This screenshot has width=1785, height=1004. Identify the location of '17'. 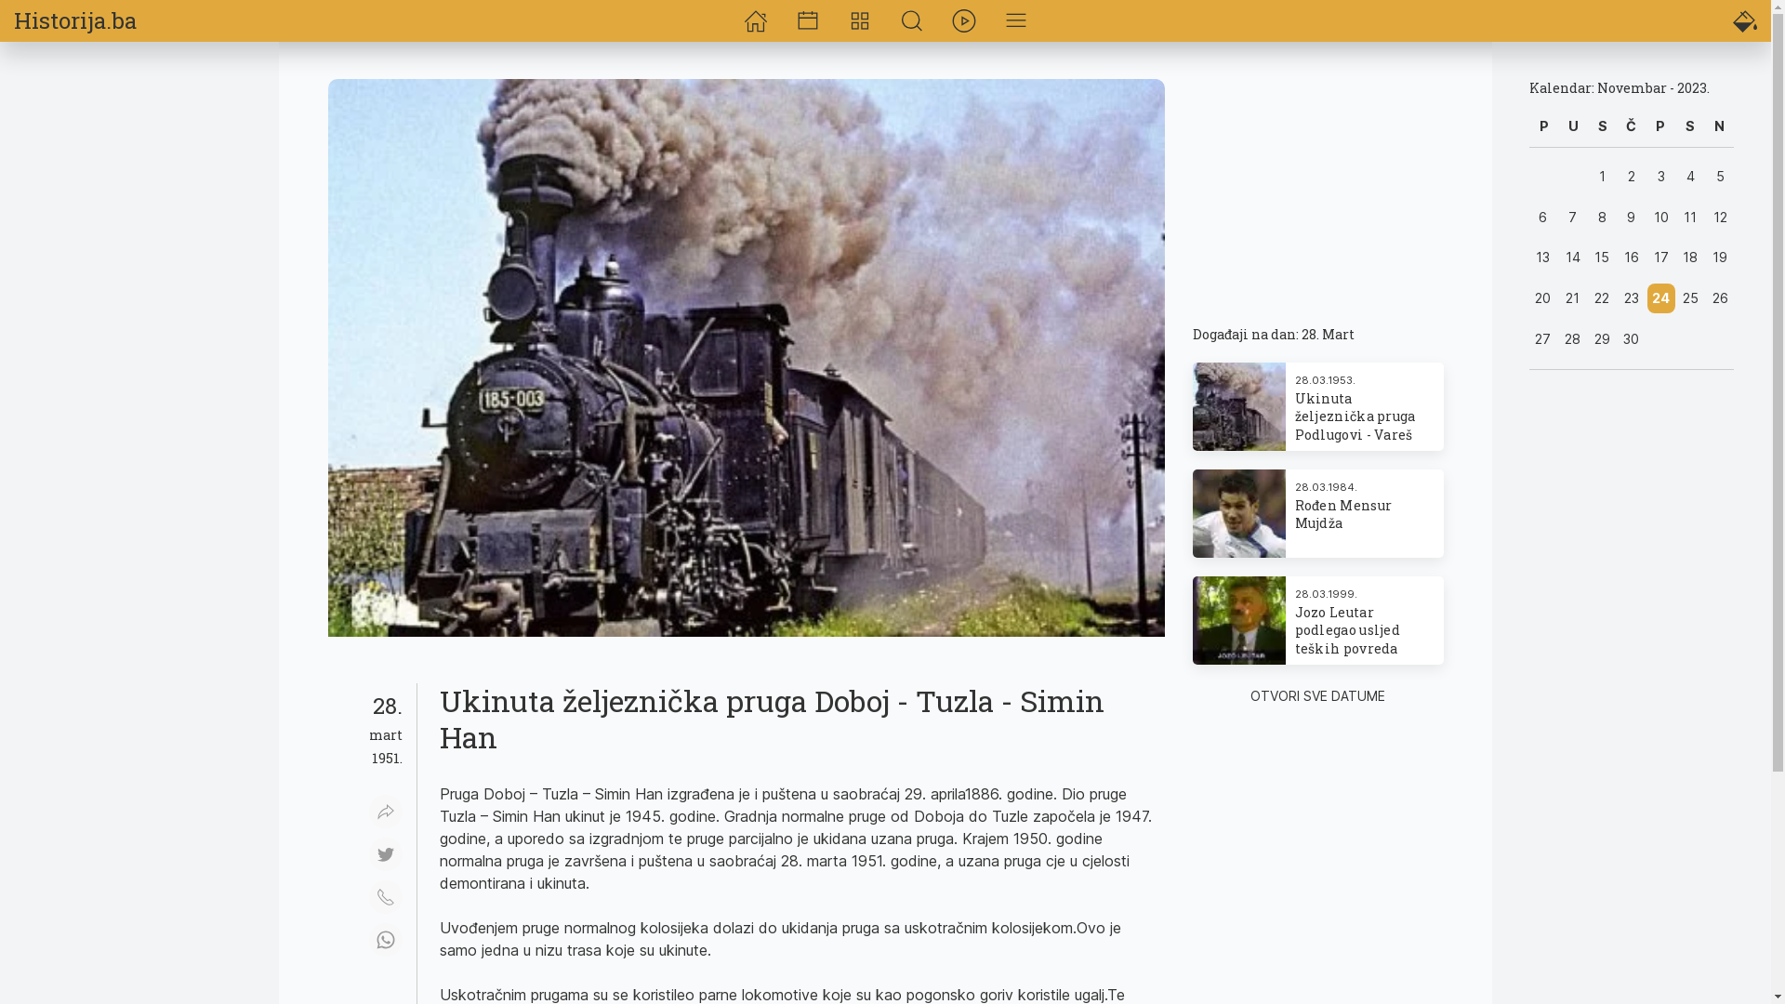
(1660, 258).